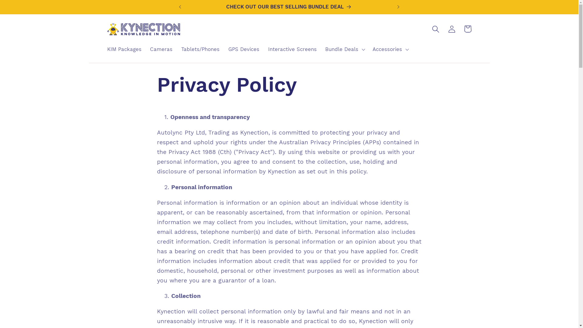 Image resolution: width=583 pixels, height=328 pixels. Describe the element at coordinates (292, 49) in the screenshot. I see `'Interactive Screens'` at that location.